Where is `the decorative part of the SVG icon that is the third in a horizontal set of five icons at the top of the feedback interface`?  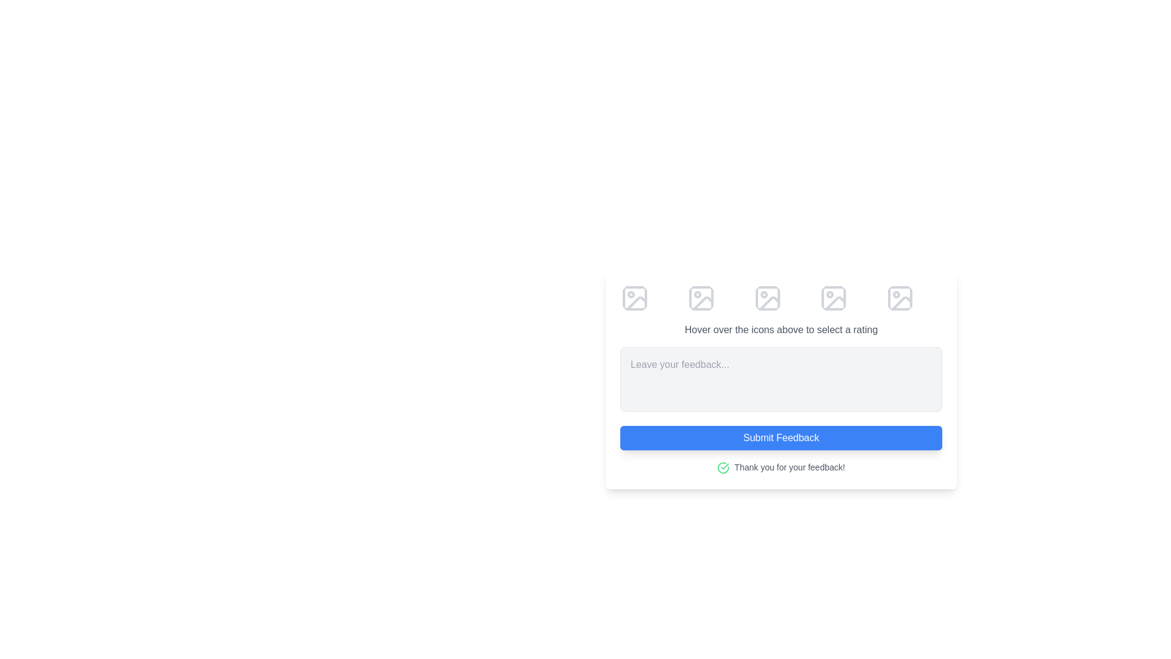 the decorative part of the SVG icon that is the third in a horizontal set of five icons at the top of the feedback interface is located at coordinates (767, 298).